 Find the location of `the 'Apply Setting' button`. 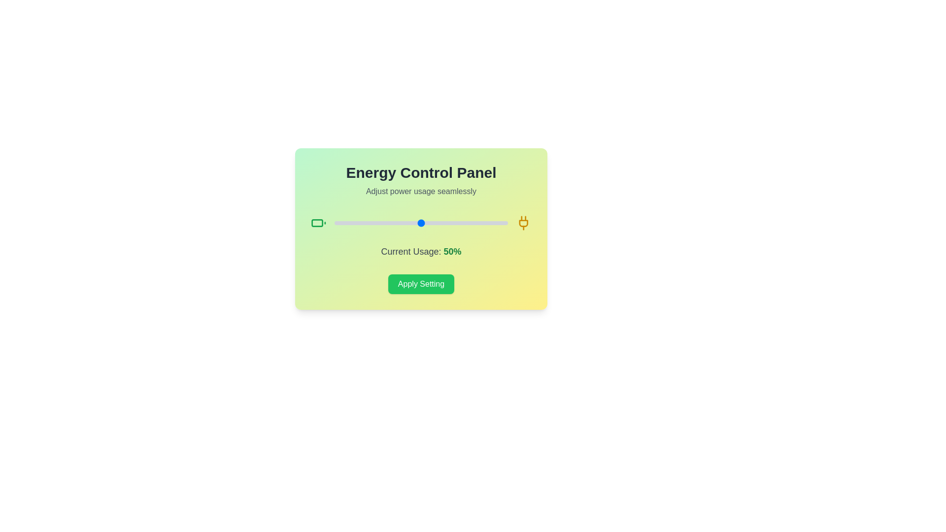

the 'Apply Setting' button is located at coordinates (421, 284).